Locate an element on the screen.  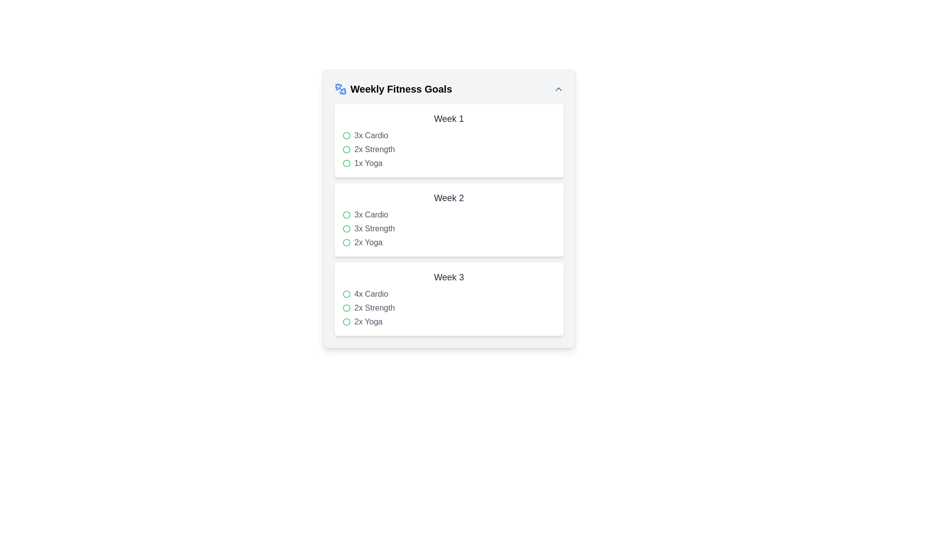
the text label displaying '2x Yoga' styled in gray font, which is the last item in the list for 'Week 3' within the 'Weekly Fitness Goals' section is located at coordinates (368, 322).